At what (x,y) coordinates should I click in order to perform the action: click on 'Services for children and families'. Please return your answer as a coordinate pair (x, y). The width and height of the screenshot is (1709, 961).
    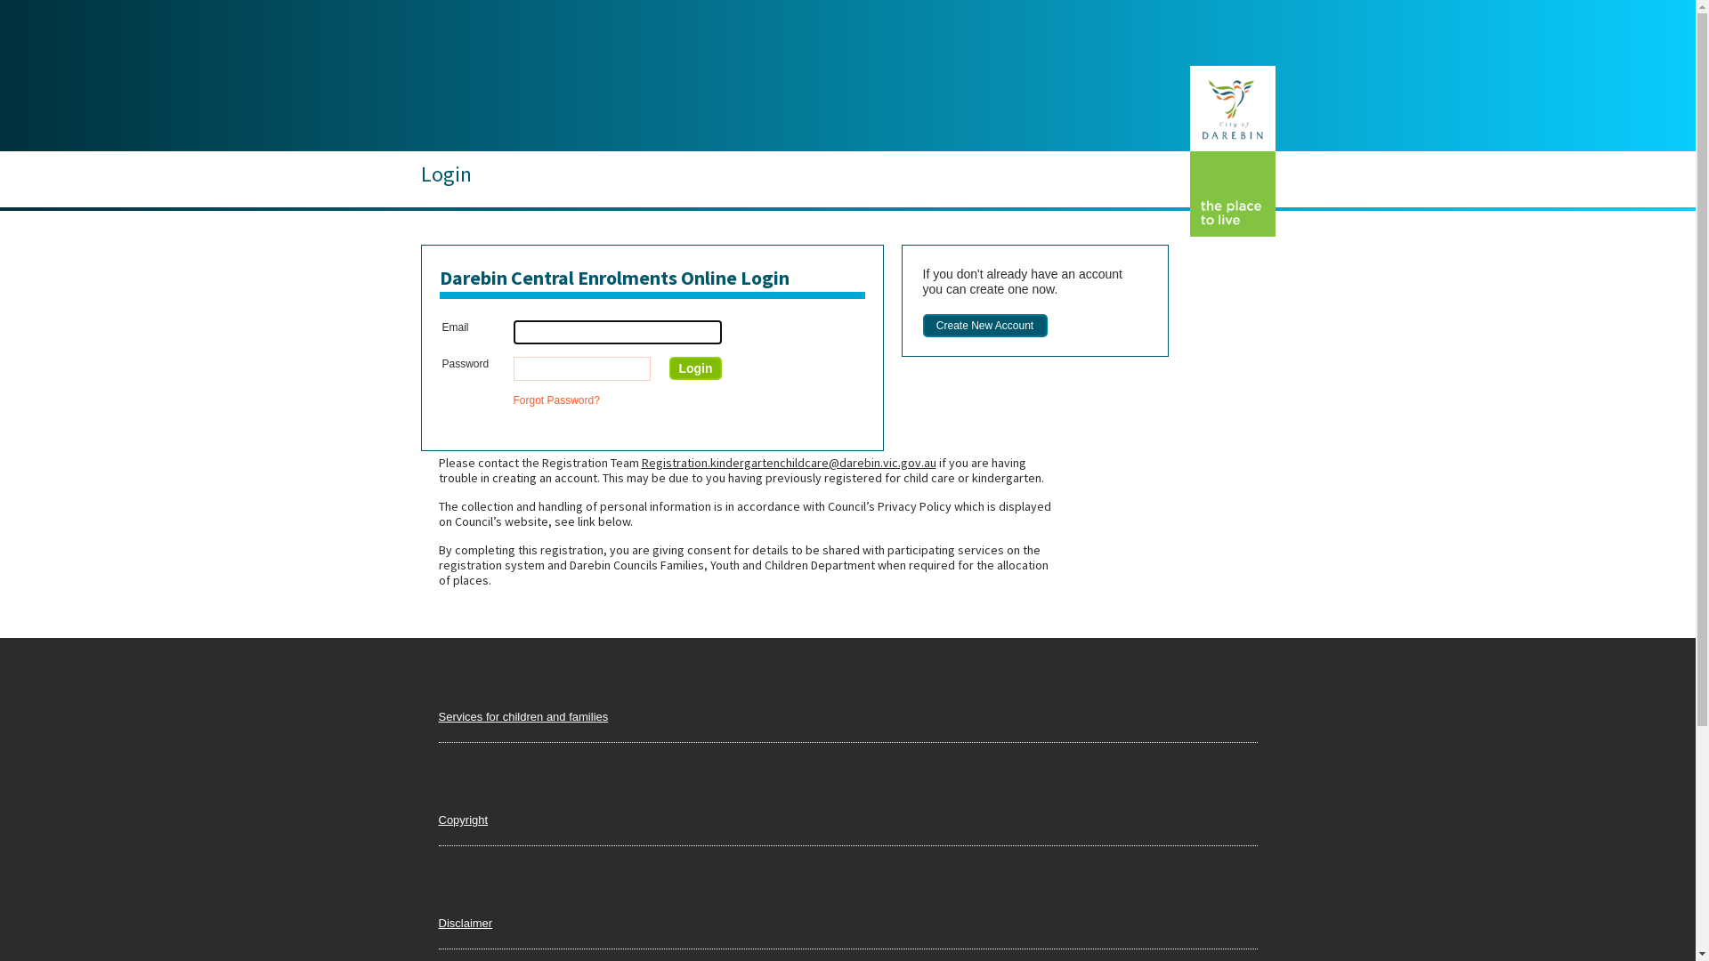
    Looking at the image, I should click on (522, 715).